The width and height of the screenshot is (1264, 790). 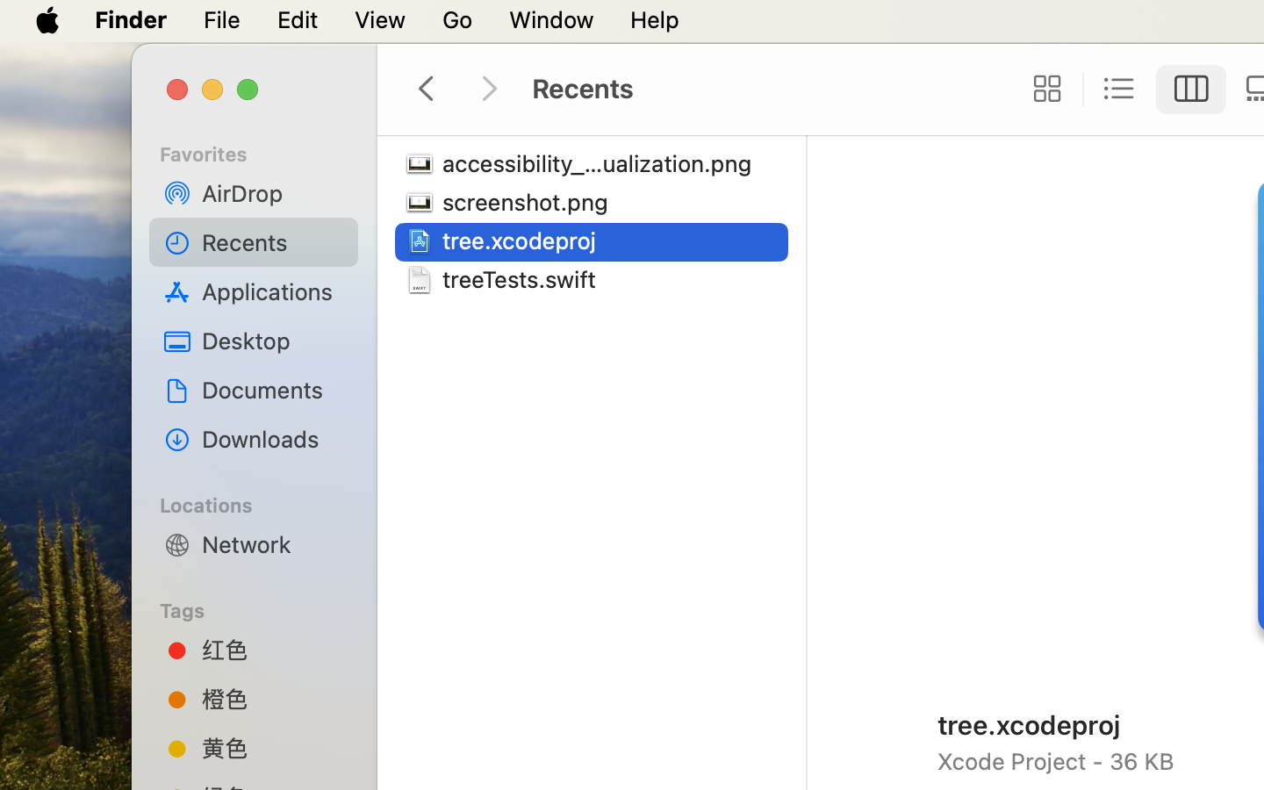 I want to click on 'Network', so click(x=273, y=544).